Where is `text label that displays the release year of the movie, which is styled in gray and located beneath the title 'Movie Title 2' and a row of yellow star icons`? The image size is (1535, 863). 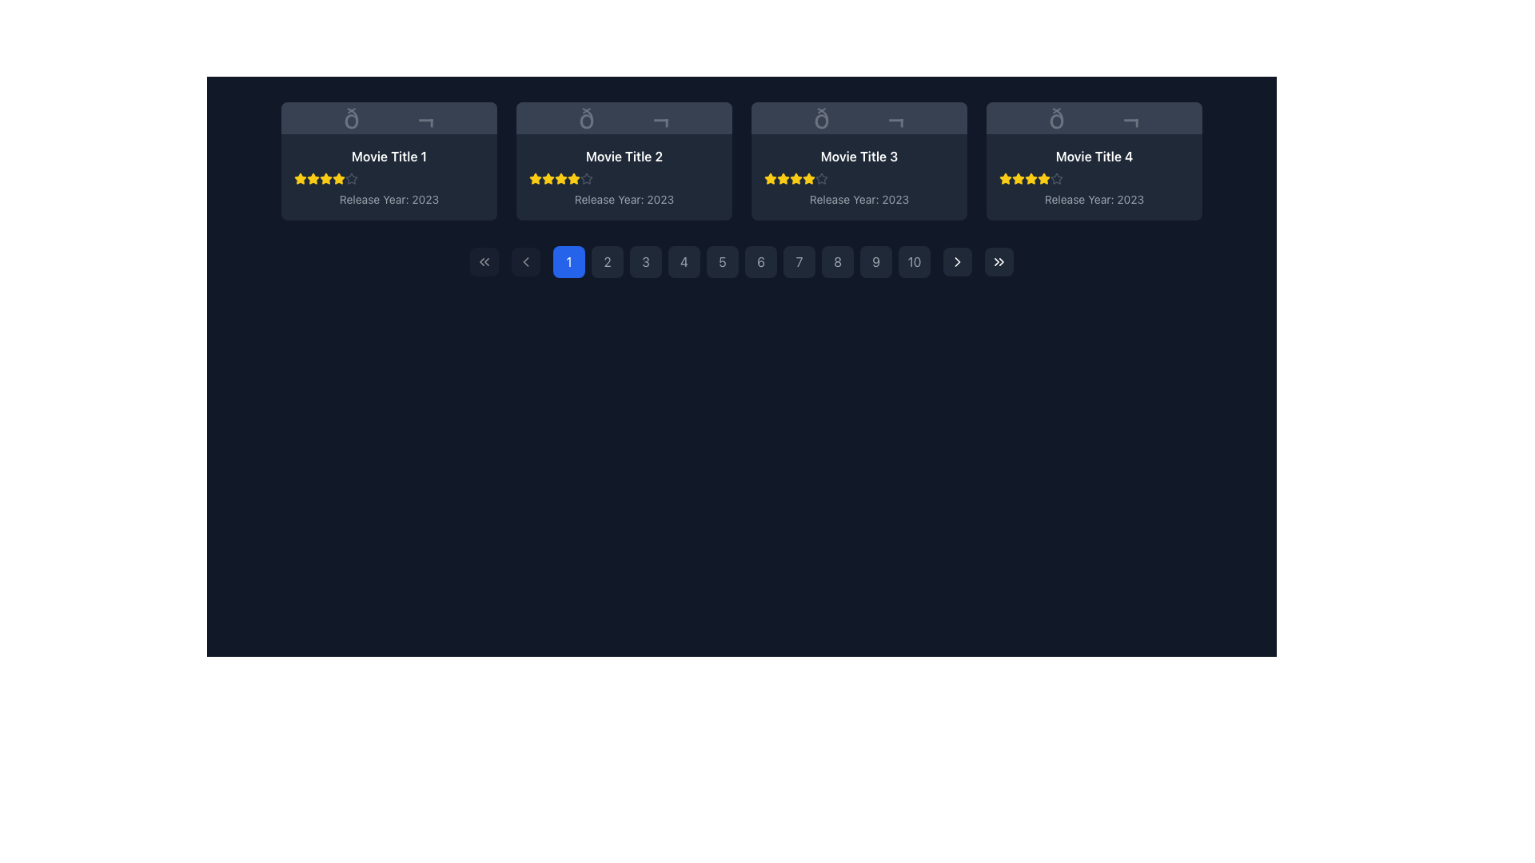
text label that displays the release year of the movie, which is styled in gray and located beneath the title 'Movie Title 2' and a row of yellow star icons is located at coordinates (624, 199).